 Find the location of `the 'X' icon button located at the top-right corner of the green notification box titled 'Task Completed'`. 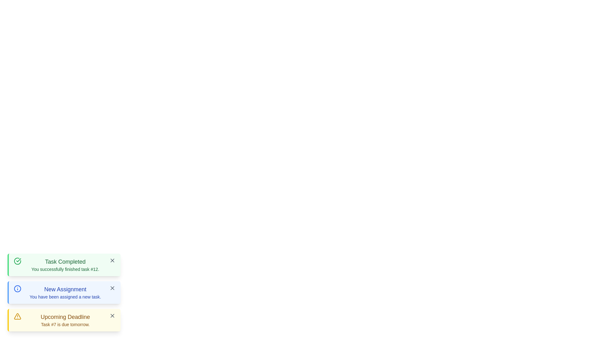

the 'X' icon button located at the top-right corner of the green notification box titled 'Task Completed' is located at coordinates (112, 260).